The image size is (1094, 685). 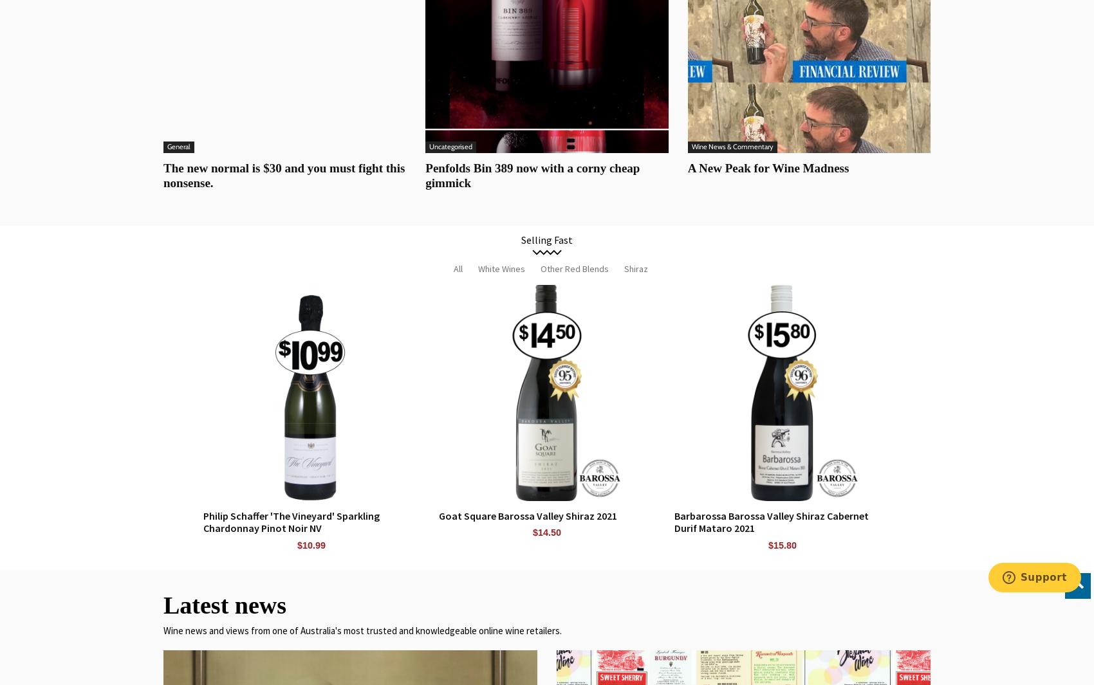 What do you see at coordinates (550, 533) in the screenshot?
I see `'14.50'` at bounding box center [550, 533].